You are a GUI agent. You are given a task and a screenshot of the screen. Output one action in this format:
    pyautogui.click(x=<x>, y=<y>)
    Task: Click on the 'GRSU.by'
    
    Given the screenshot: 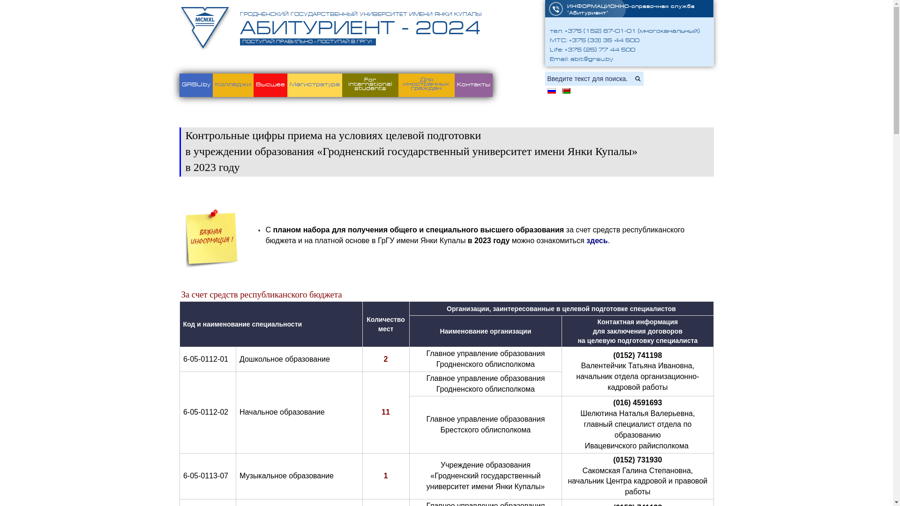 What is the action you would take?
    pyautogui.click(x=195, y=85)
    